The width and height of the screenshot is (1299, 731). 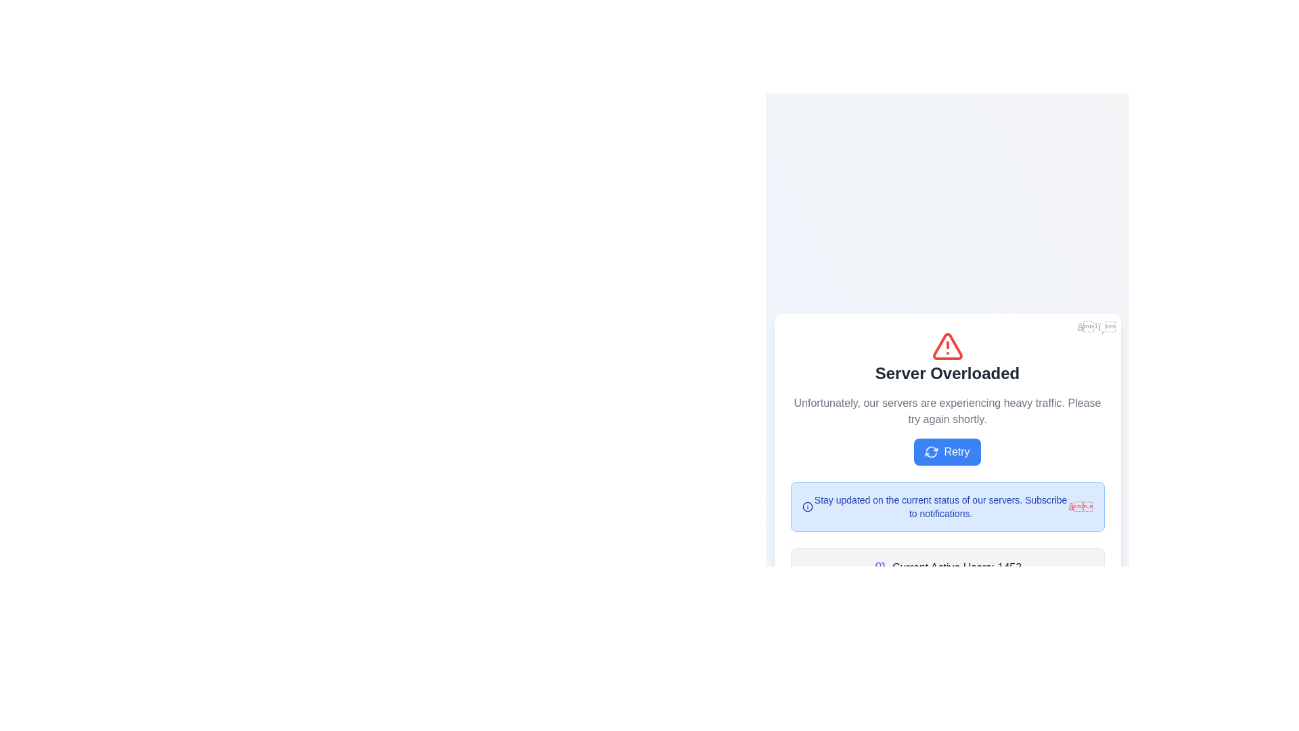 What do you see at coordinates (947, 568) in the screenshot?
I see `the informative text element displaying 'Current Active Users: 1453' with an icon depicting users, located near the bottom of the main interface panel` at bounding box center [947, 568].